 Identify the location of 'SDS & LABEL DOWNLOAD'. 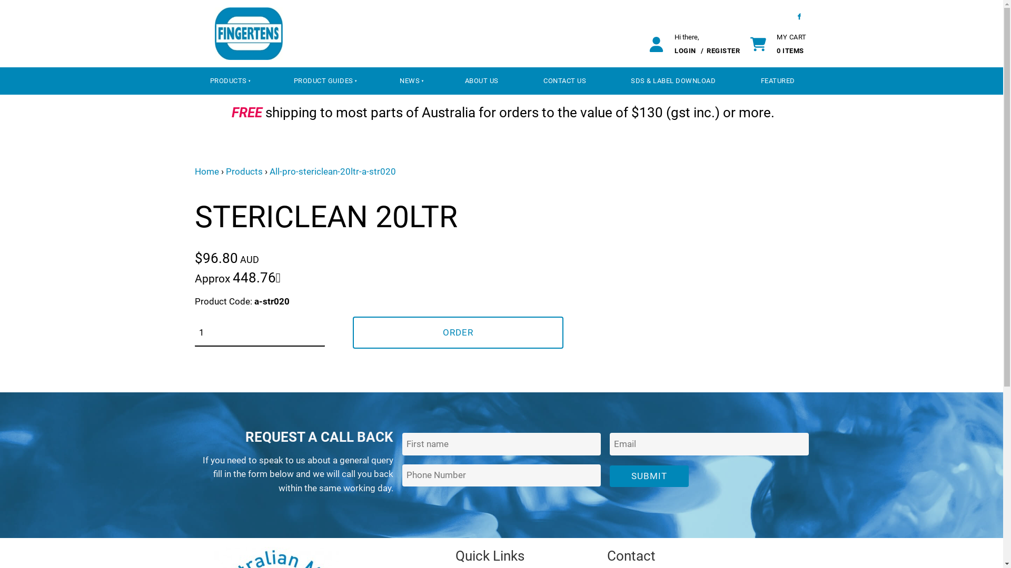
(672, 80).